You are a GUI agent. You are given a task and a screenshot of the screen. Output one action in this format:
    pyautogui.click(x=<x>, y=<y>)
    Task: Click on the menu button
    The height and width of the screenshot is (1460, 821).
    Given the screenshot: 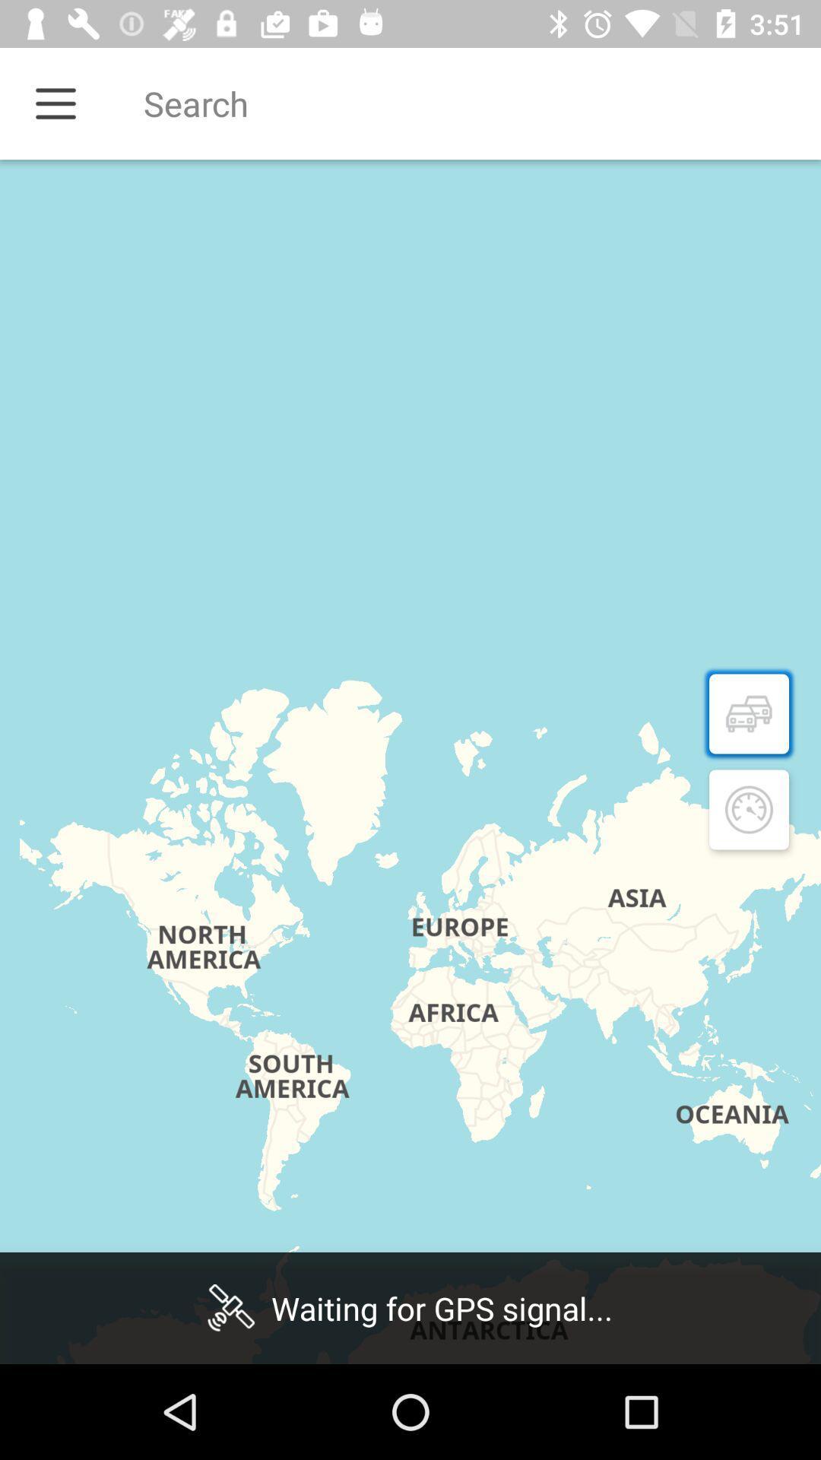 What is the action you would take?
    pyautogui.click(x=55, y=103)
    